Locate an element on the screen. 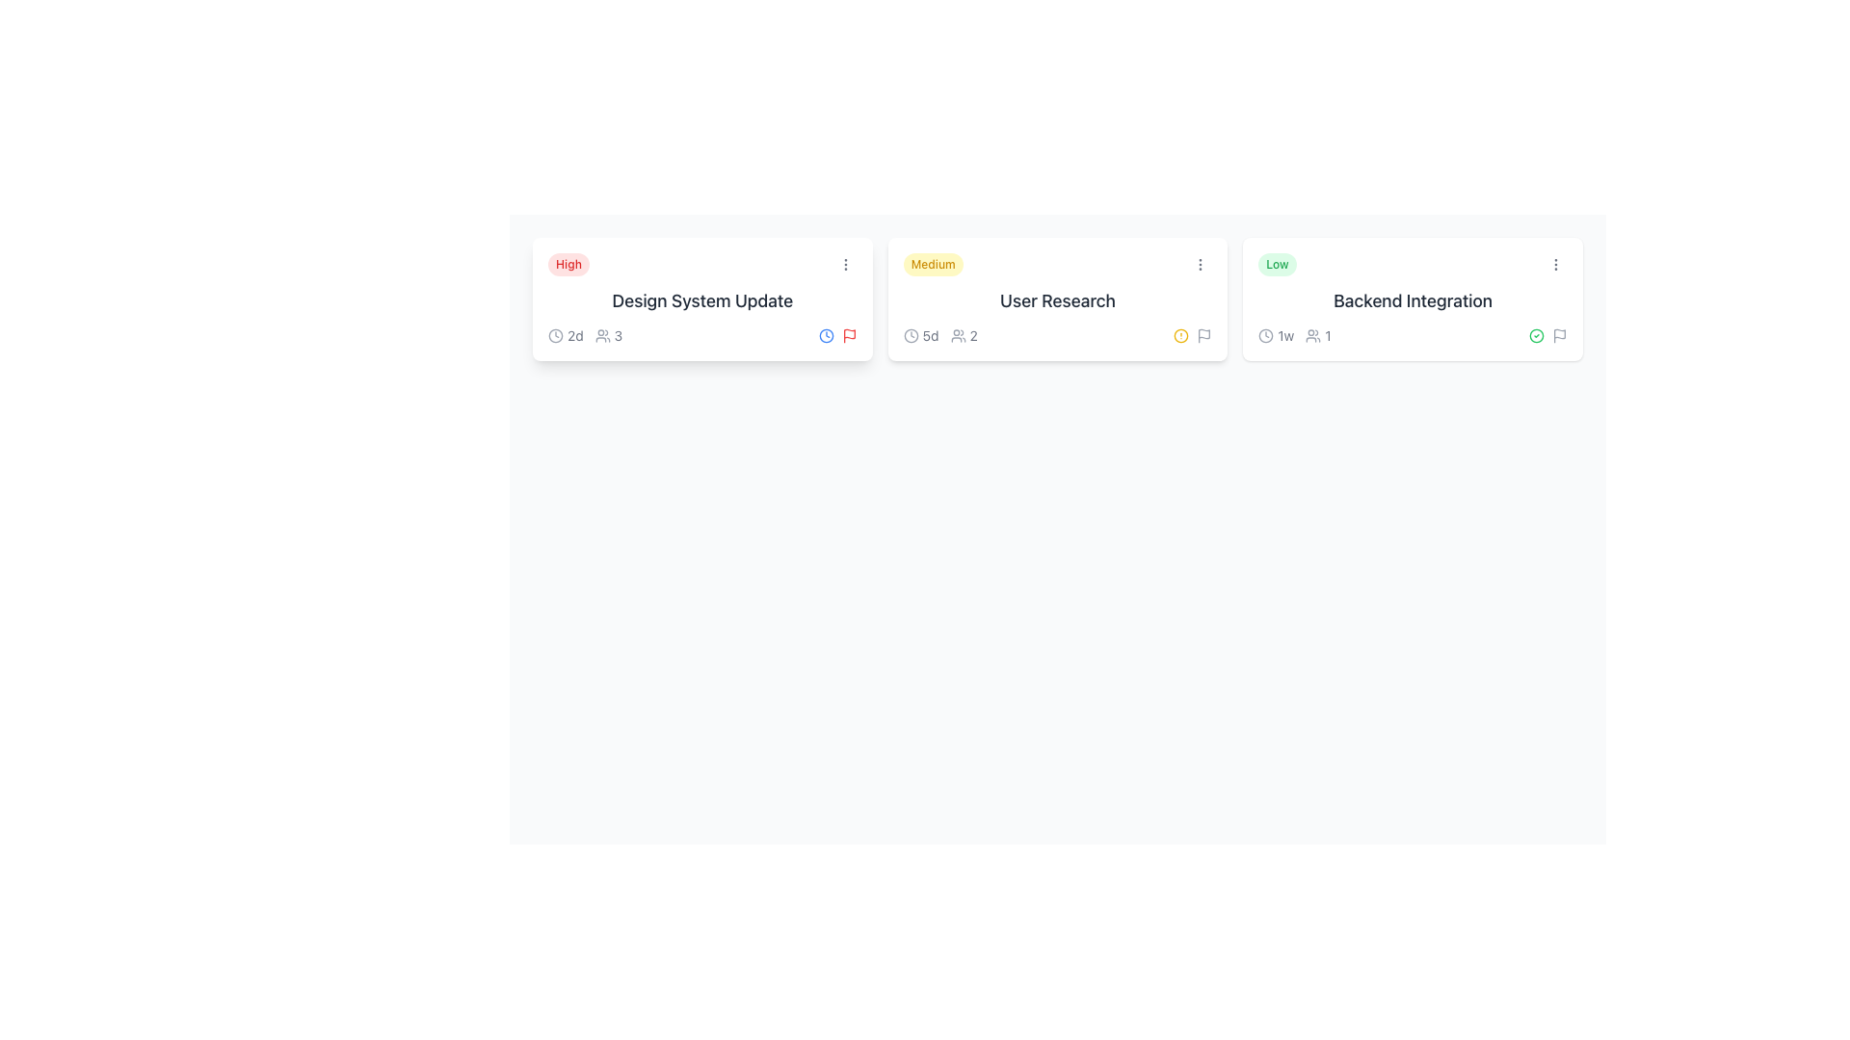 This screenshot has width=1850, height=1040. the circular outline element within the clock icon located in the bottom-right section of the 'User Research' card is located at coordinates (910, 334).